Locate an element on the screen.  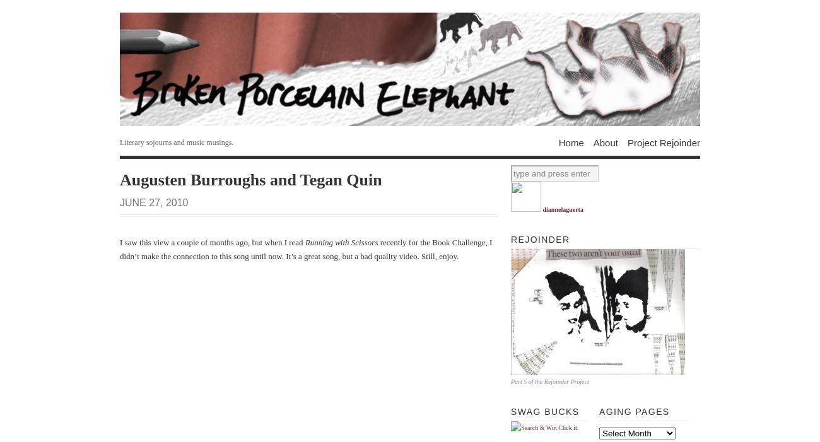
'Augusten Burroughs and Tegan Quin' is located at coordinates (250, 179).